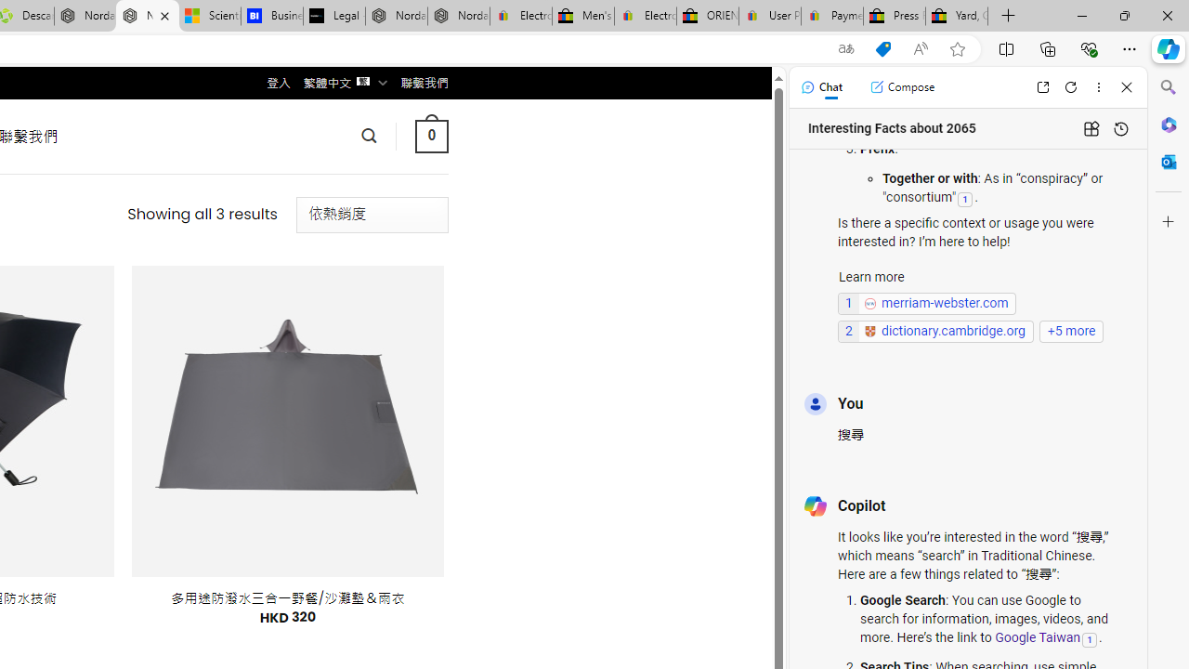  What do you see at coordinates (430, 135) in the screenshot?
I see `' 0 '` at bounding box center [430, 135].